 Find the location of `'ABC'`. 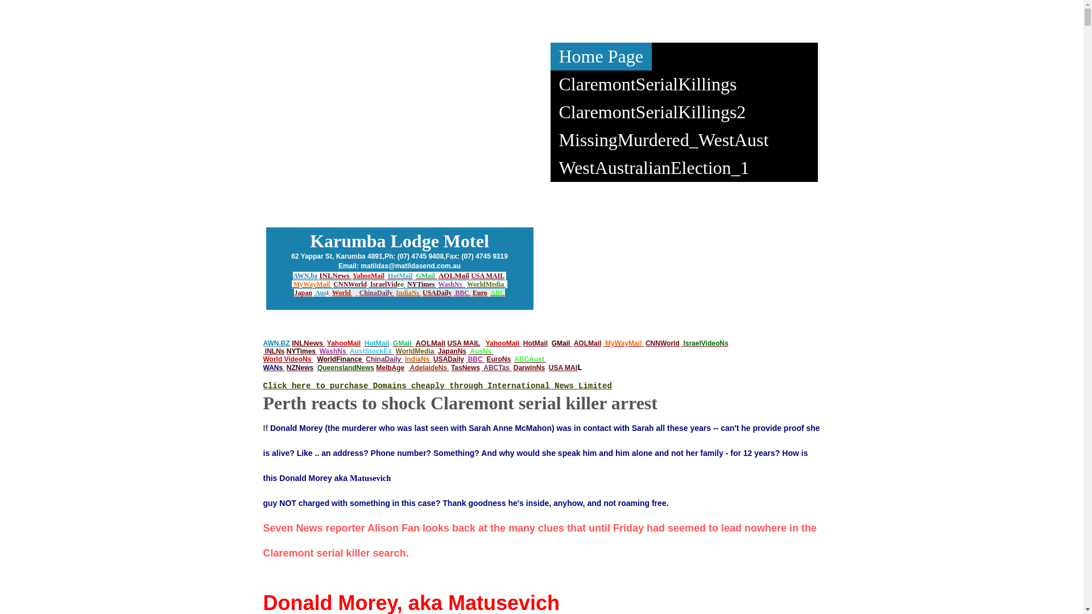

'ABC' is located at coordinates (497, 292).